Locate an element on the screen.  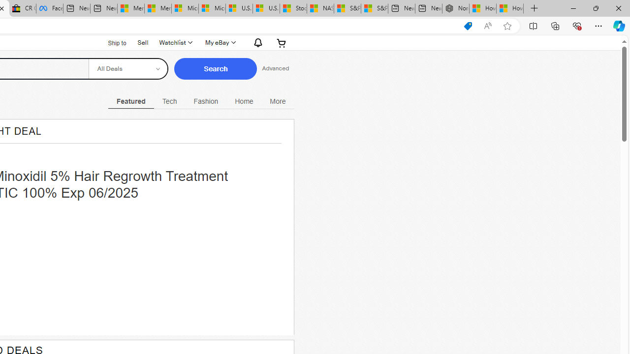
'Tech' is located at coordinates (169, 101).